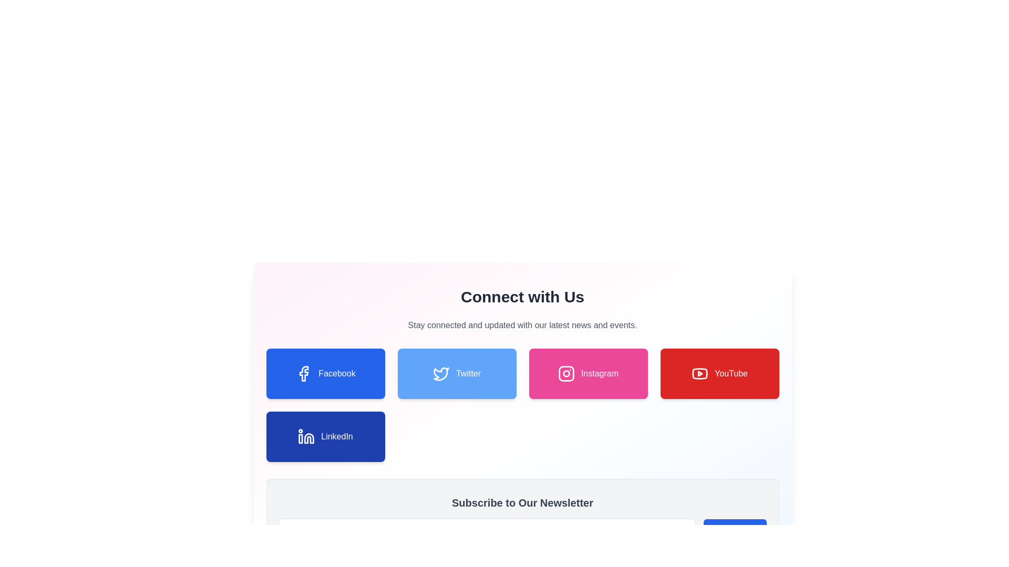  Describe the element at coordinates (734, 532) in the screenshot. I see `the subscription button located to the right of the email input field` at that location.